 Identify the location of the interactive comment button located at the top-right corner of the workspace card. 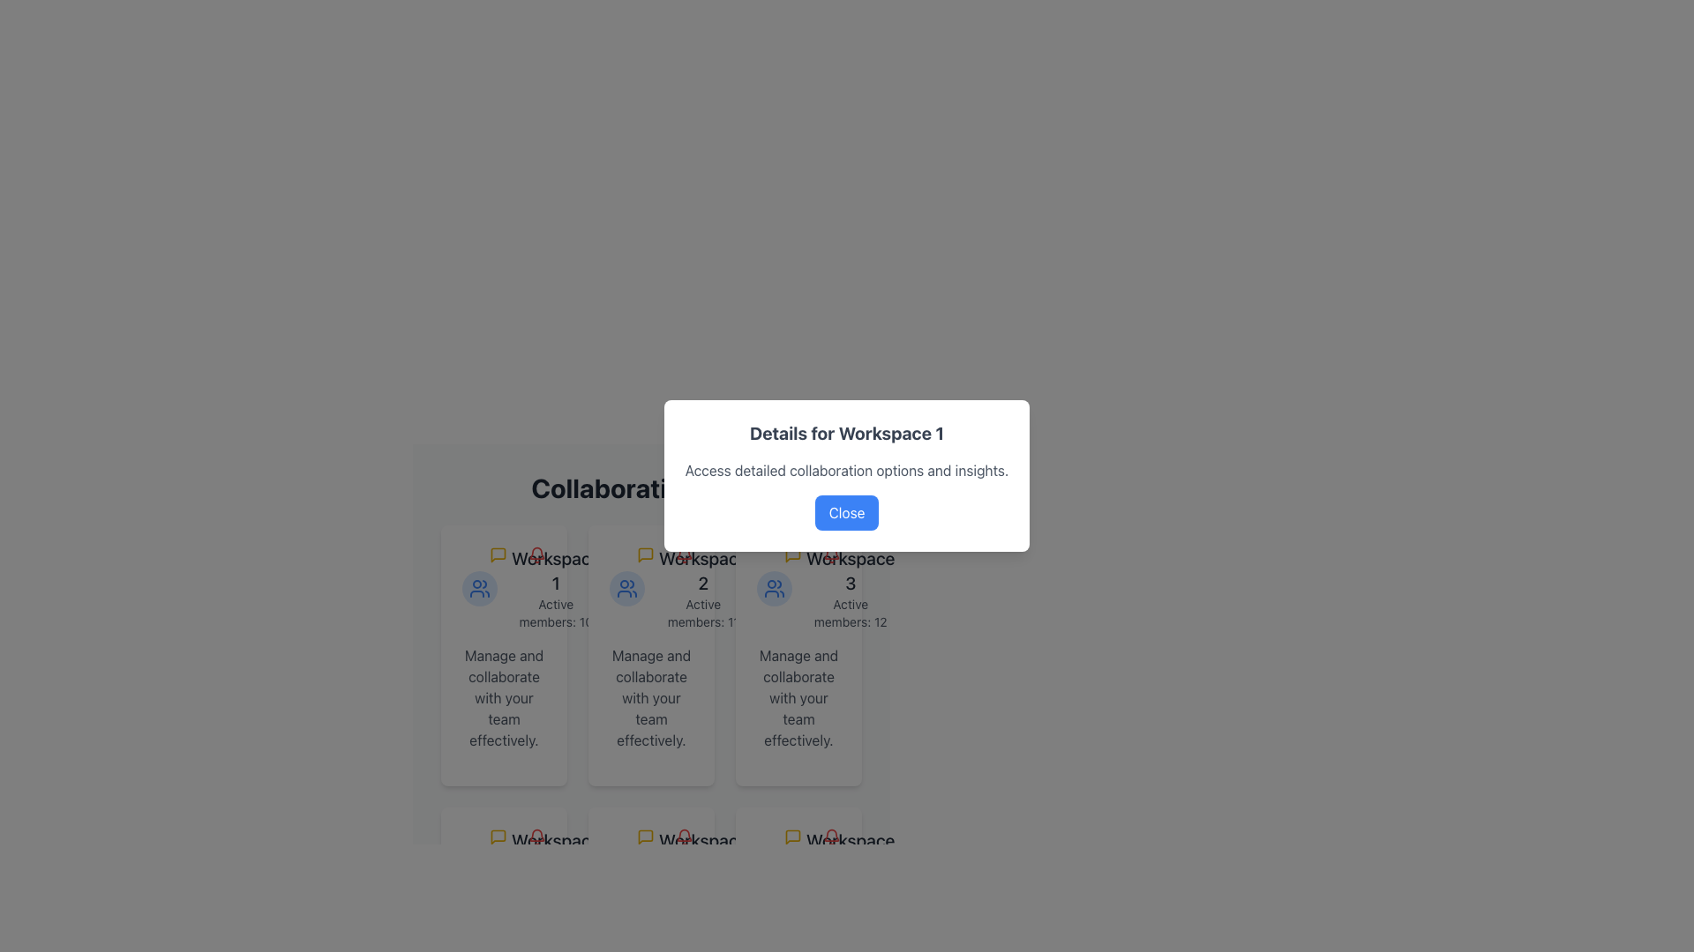
(498, 554).